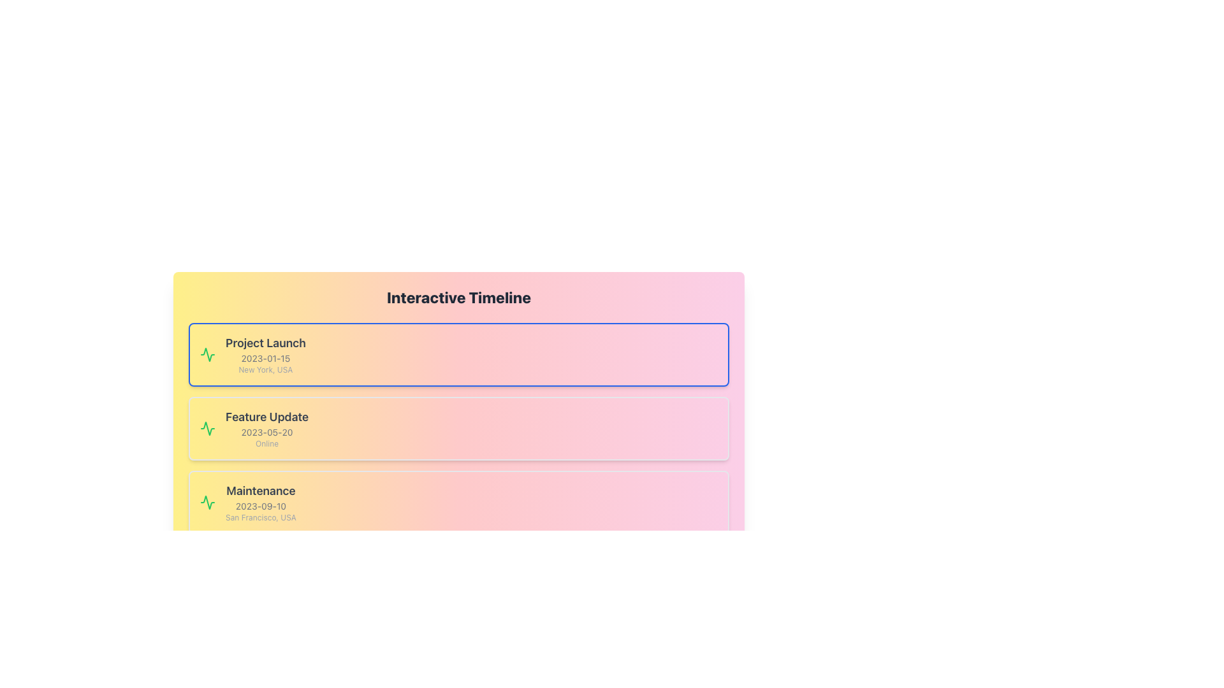 The height and width of the screenshot is (688, 1224). I want to click on the first SVG graphic icon representing the event in the timeline within the 'Project Launch' card, so click(208, 502).